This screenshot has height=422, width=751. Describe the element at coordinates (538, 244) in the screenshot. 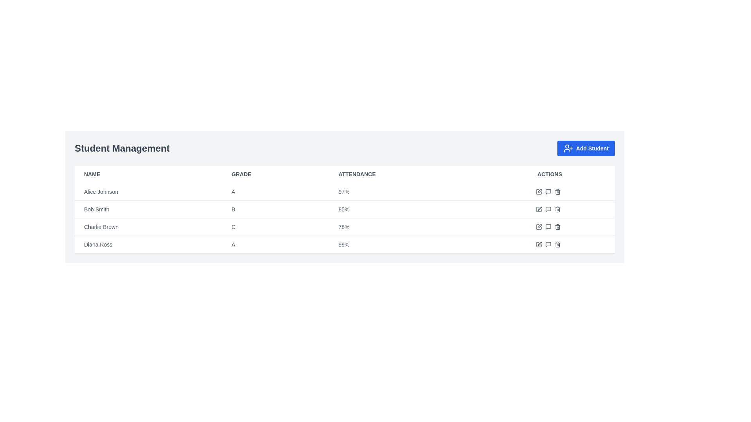

I see `the square icon button in the 'Actions' column corresponding to the row for 'Diana Ross'` at that location.